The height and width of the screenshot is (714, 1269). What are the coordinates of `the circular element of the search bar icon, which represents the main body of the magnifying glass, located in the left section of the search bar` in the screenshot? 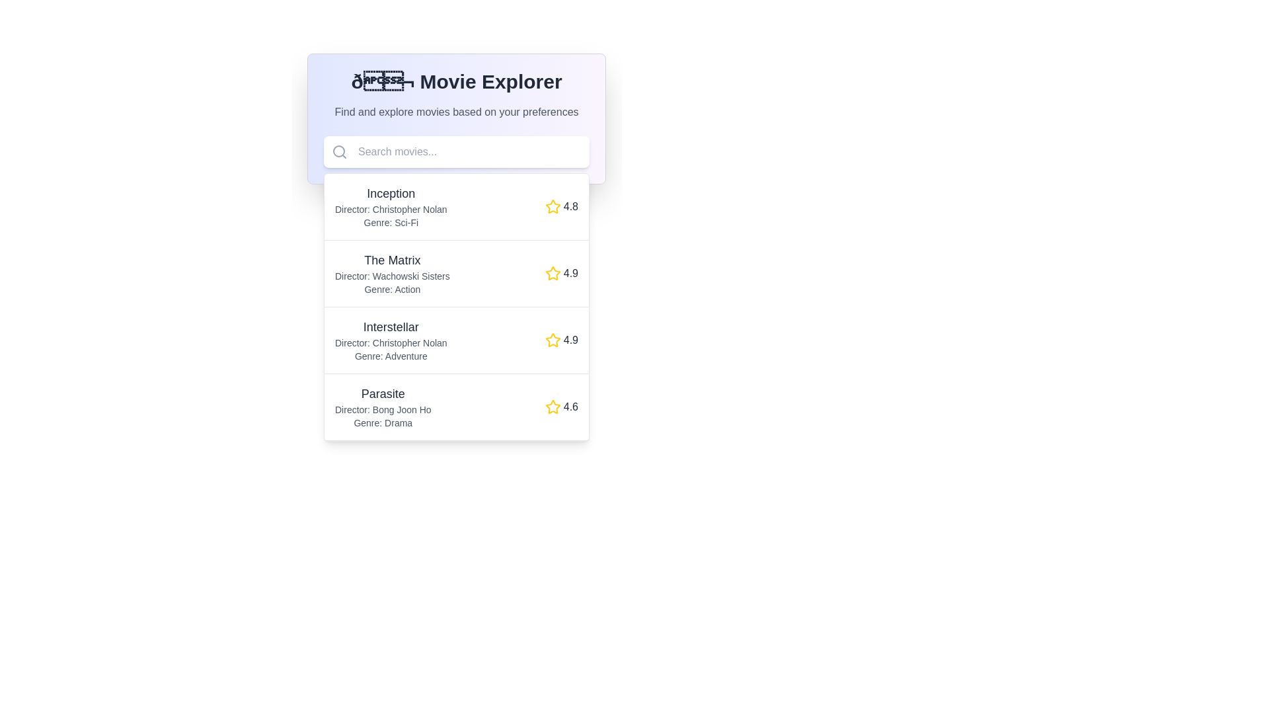 It's located at (339, 150).